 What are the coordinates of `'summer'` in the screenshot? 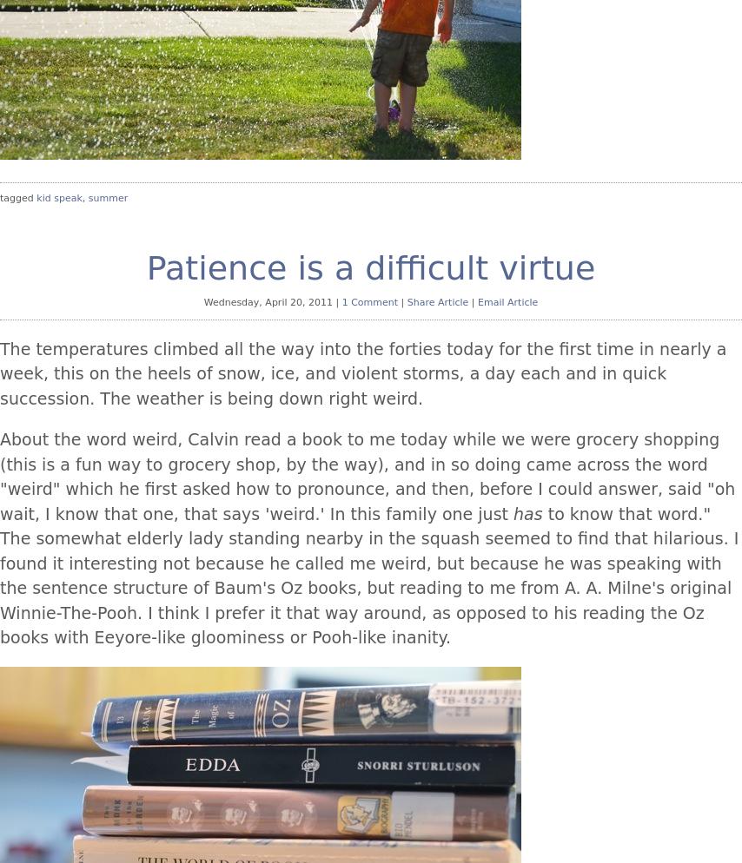 It's located at (107, 198).